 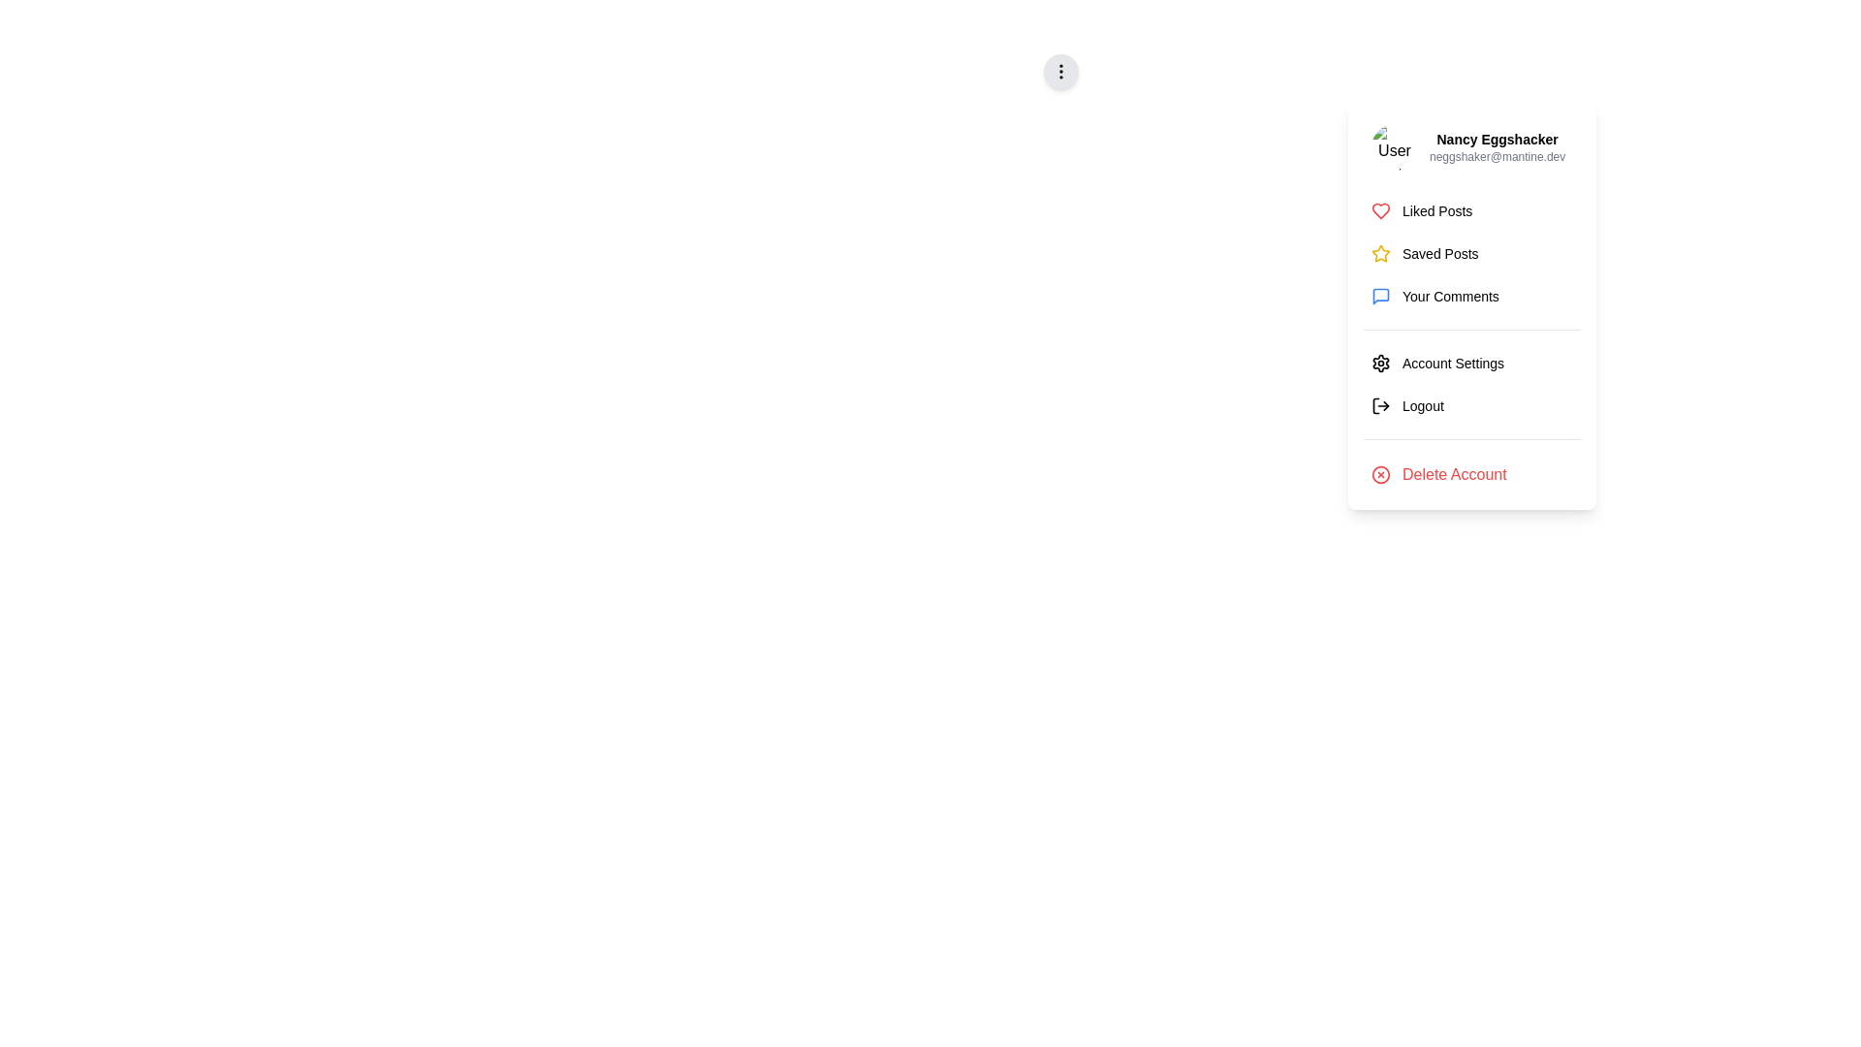 I want to click on the 'Account Settings' option in the dropdown menu located in the top-right section of the interface, so click(x=1471, y=376).